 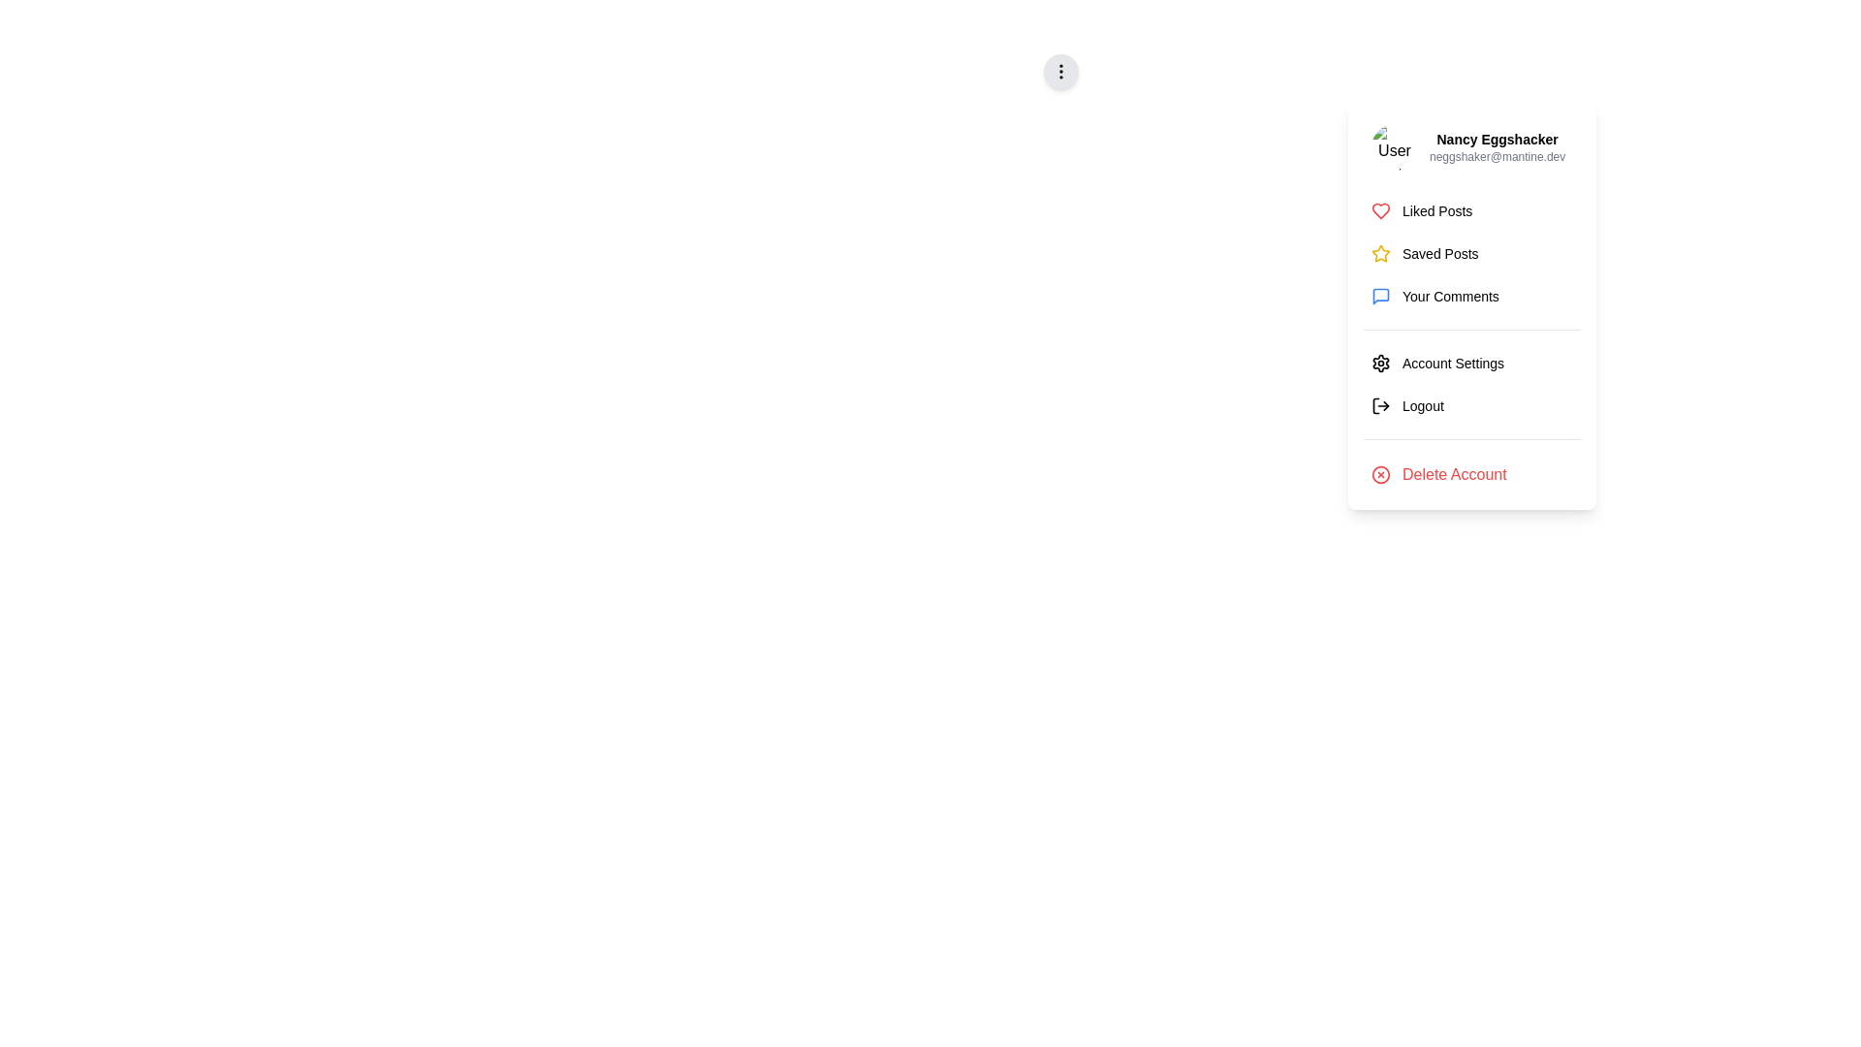 I want to click on the 'Account Settings' option in the dropdown menu located in the top-right section of the interface, so click(x=1471, y=376).